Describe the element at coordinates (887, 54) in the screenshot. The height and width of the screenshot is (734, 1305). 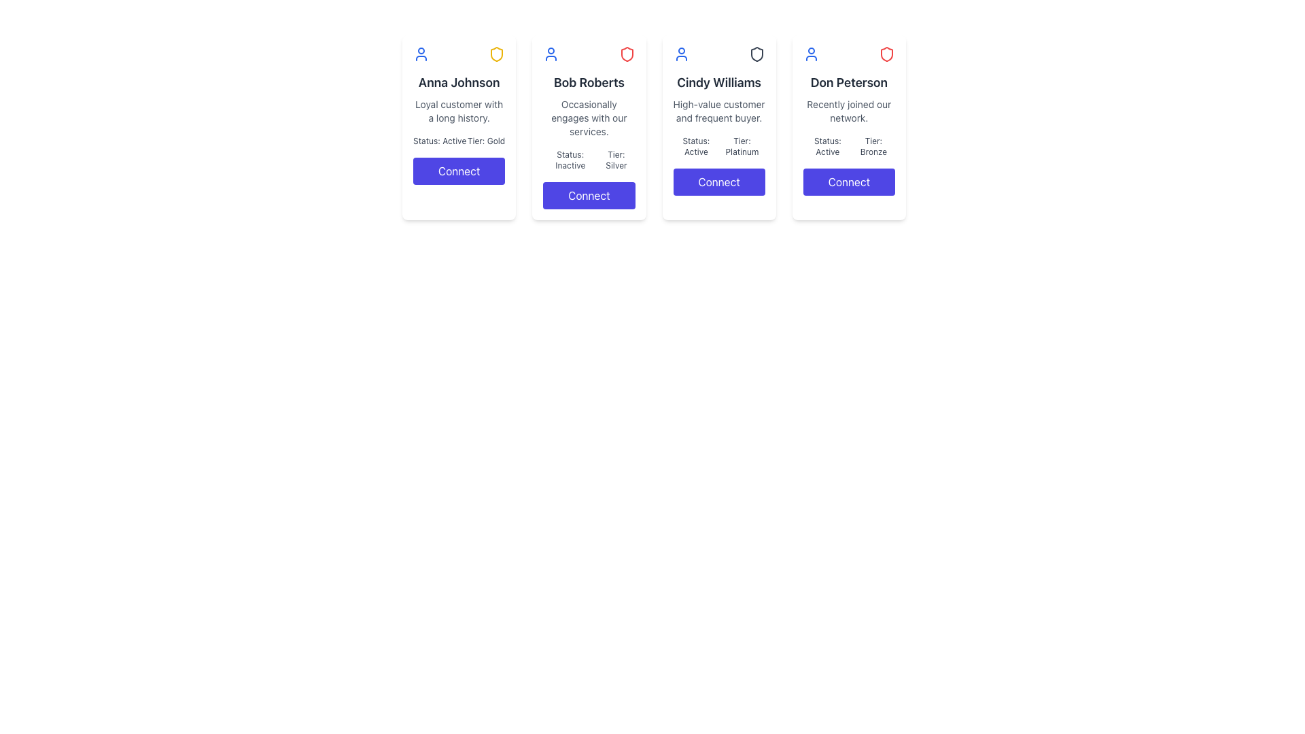
I see `the status icon located in the user card for 'Don Peterson', positioned in the rightmost column and aligned with the top edge of the card` at that location.